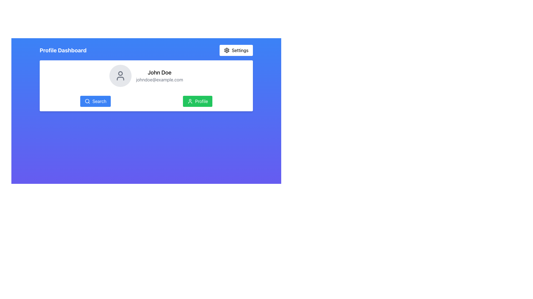 The image size is (533, 299). Describe the element at coordinates (227, 50) in the screenshot. I see `the settings icon (gear symbol) located to the left of the 'Settings' text within the button` at that location.